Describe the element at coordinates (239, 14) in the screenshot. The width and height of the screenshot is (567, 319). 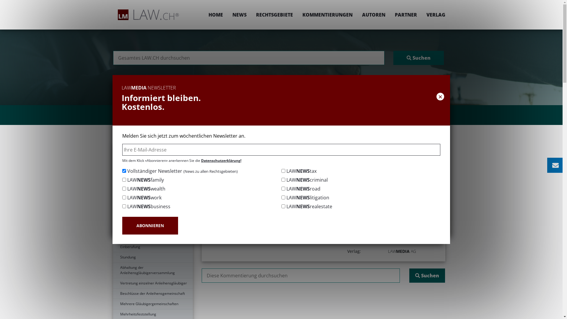
I see `'NEWS'` at that location.